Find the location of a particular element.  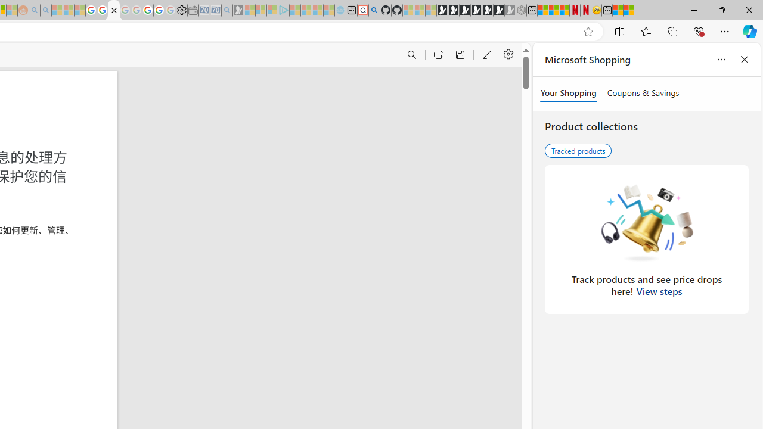

'Enter PDF full screen' is located at coordinates (486, 55).